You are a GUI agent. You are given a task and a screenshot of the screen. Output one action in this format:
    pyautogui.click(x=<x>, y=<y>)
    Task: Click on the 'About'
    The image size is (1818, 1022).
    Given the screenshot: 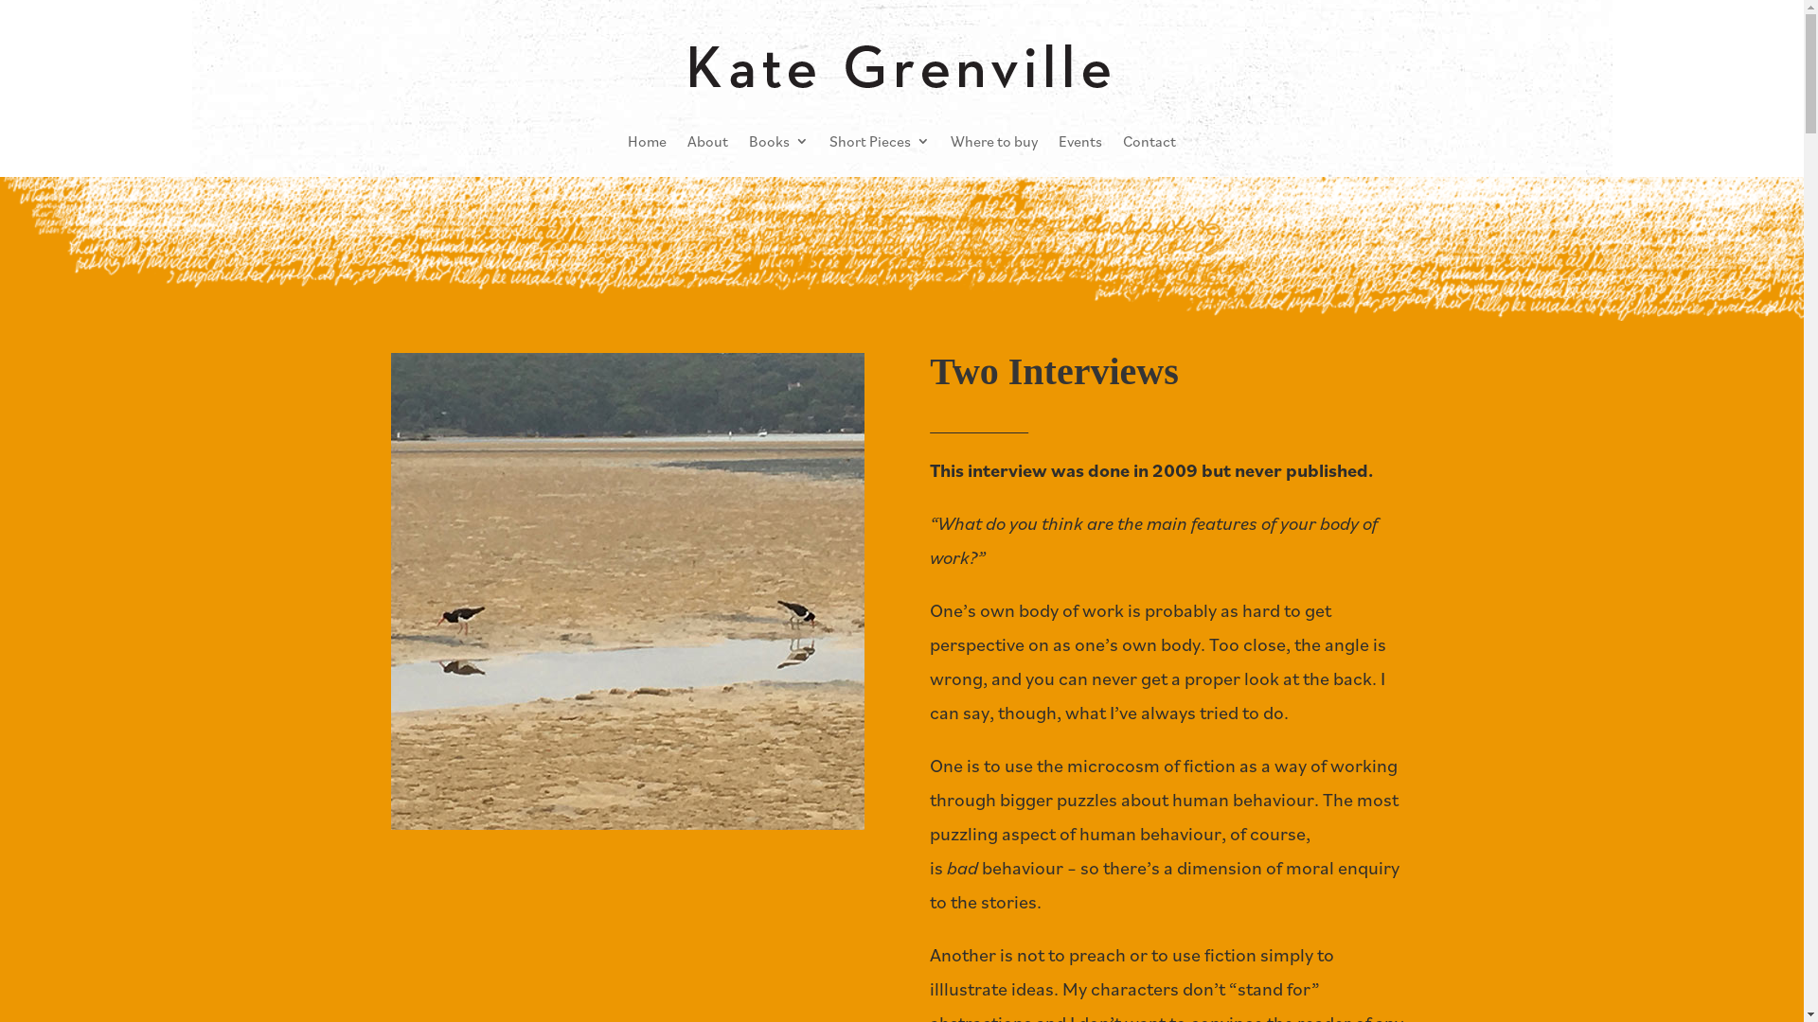 What is the action you would take?
    pyautogui.click(x=706, y=140)
    